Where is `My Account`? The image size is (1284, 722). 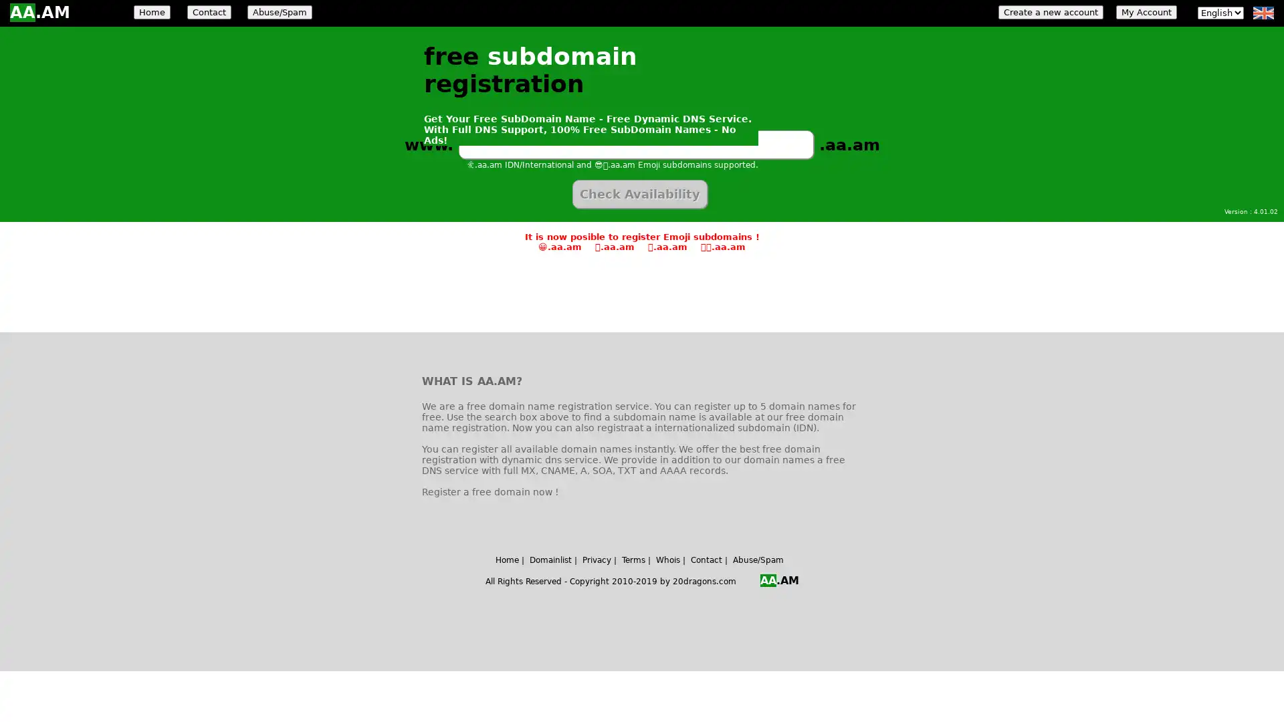 My Account is located at coordinates (1146, 12).